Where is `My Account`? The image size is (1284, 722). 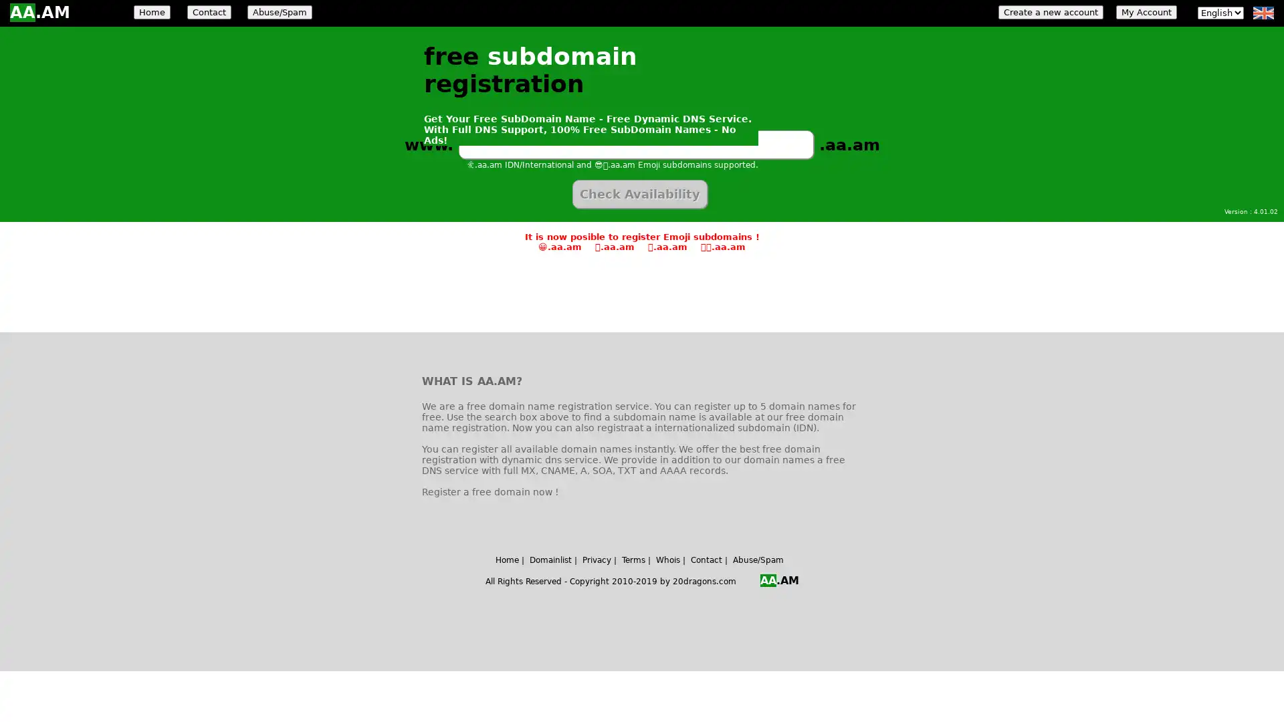 My Account is located at coordinates (1146, 12).